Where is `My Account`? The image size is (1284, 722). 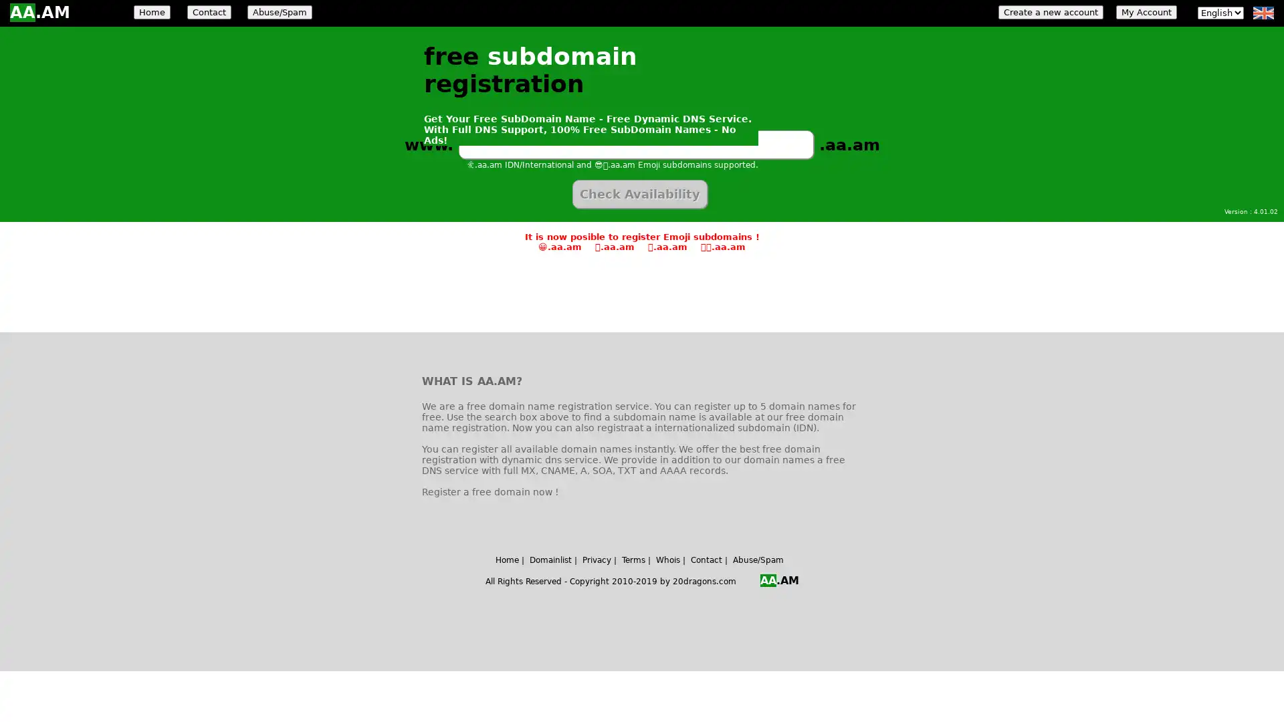 My Account is located at coordinates (1146, 12).